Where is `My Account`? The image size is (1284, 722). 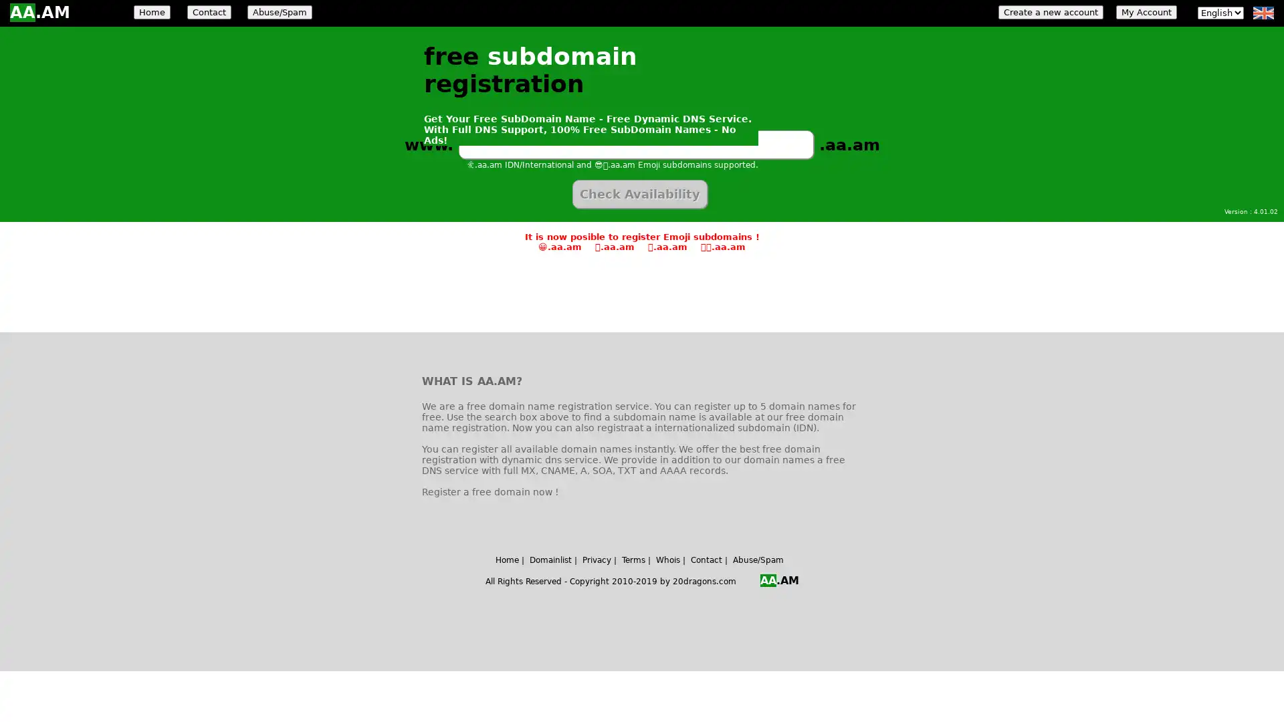 My Account is located at coordinates (1146, 12).